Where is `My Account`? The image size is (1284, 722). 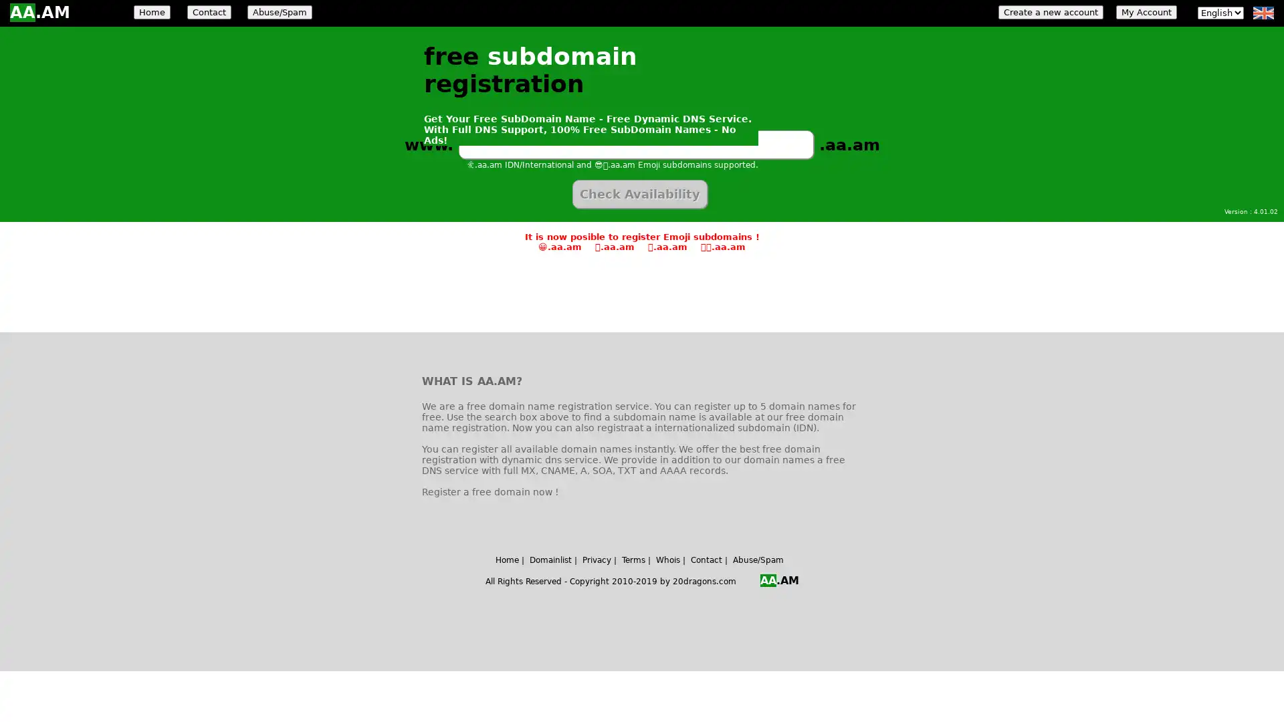 My Account is located at coordinates (1146, 12).